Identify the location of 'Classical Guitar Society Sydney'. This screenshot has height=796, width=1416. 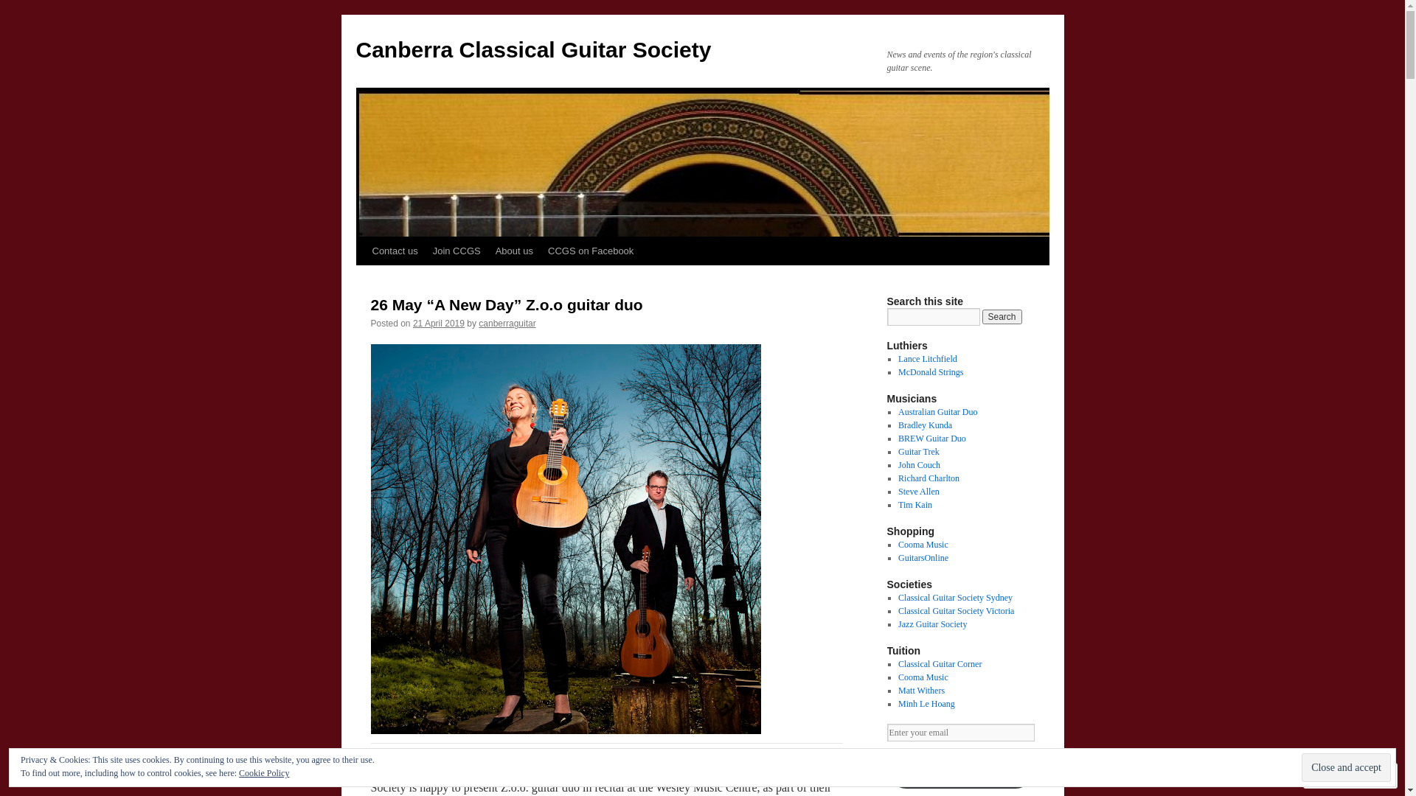
(955, 597).